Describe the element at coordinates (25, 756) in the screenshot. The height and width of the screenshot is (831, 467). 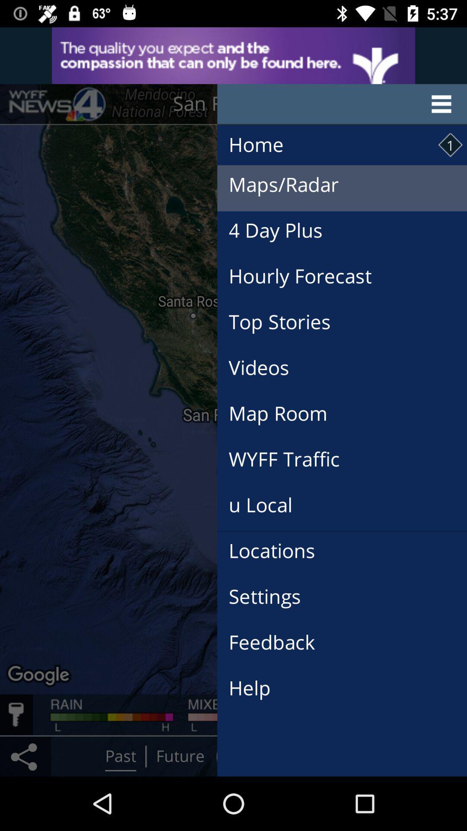
I see `the share icon` at that location.